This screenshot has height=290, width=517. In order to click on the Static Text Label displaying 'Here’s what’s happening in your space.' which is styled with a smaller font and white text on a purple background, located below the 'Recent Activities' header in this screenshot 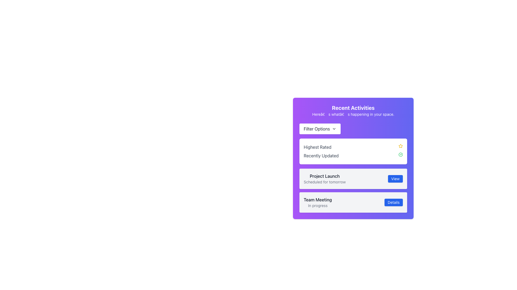, I will do `click(353, 114)`.